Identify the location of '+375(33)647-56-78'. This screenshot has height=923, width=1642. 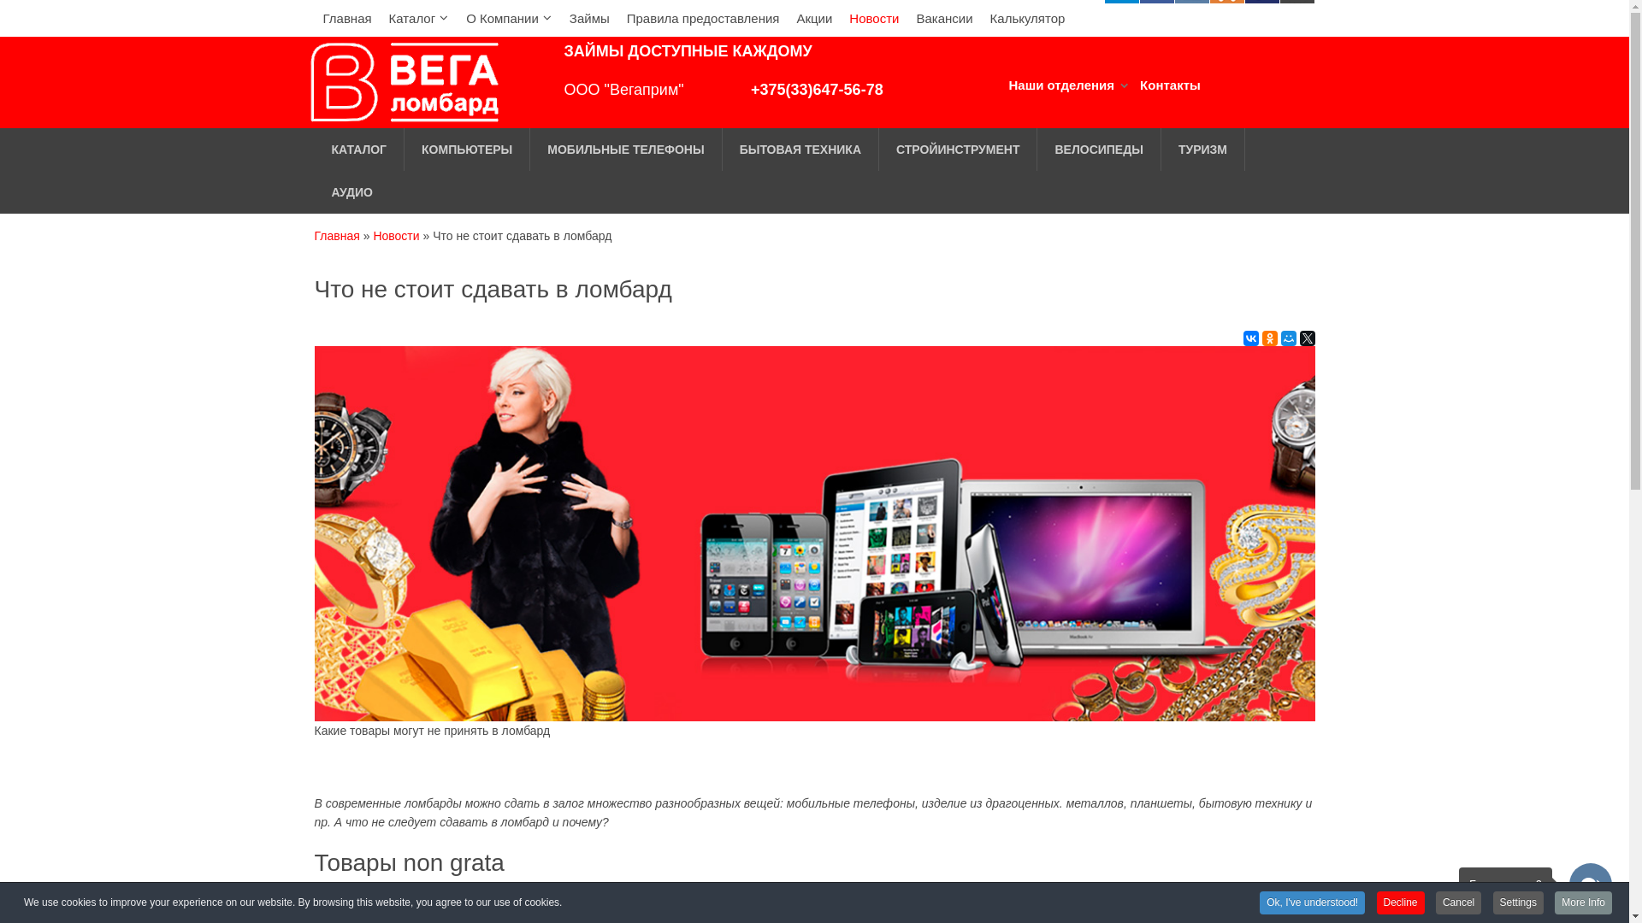
(816, 89).